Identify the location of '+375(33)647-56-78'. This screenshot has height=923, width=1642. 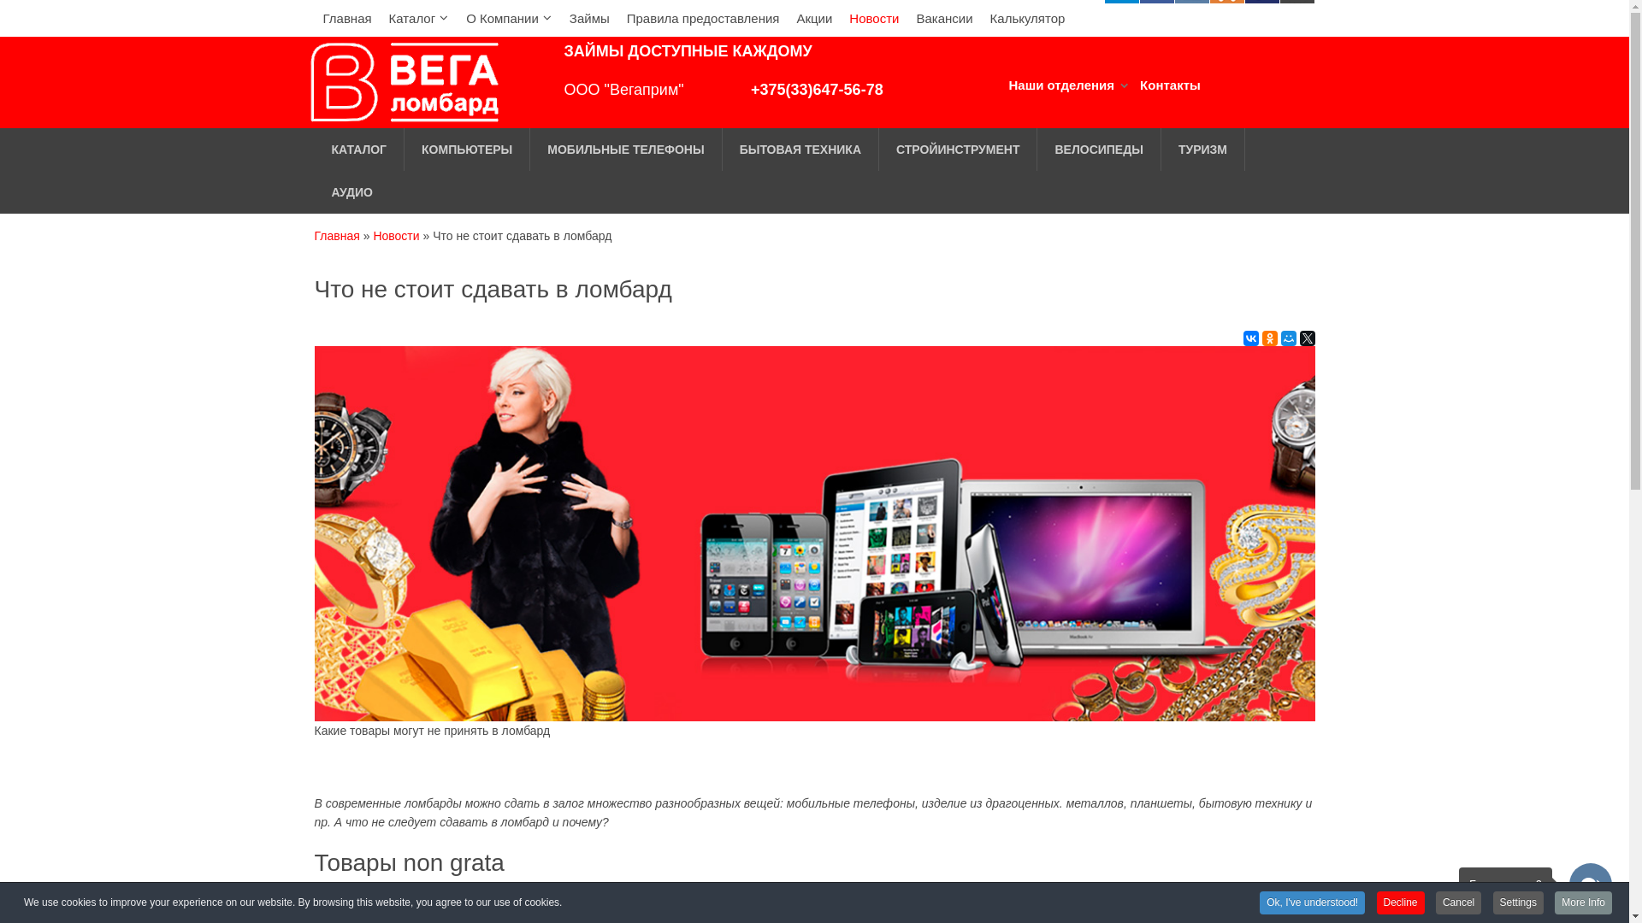
(816, 89).